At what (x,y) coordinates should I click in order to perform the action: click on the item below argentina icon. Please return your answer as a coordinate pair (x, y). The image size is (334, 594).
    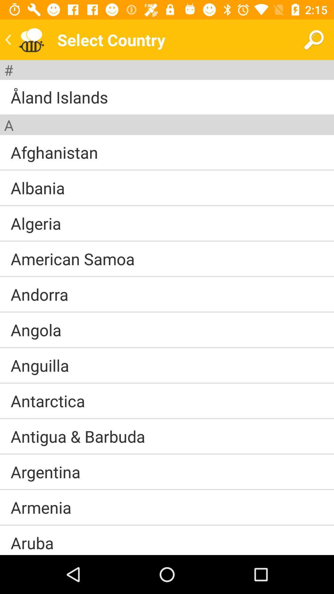
    Looking at the image, I should click on (167, 489).